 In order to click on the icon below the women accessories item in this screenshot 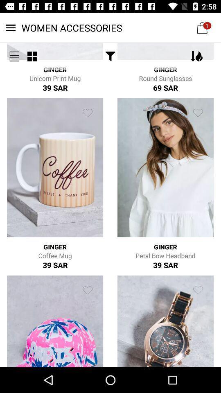, I will do `click(110, 56)`.